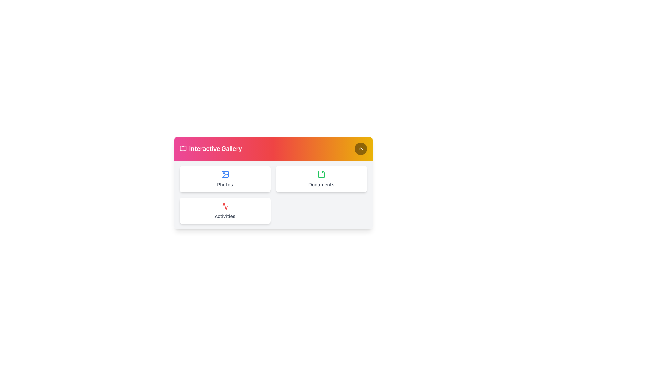  I want to click on the red waveform icon located at the top of the 'Activities' section, which is distinctly styled and visually prominent, so click(225, 205).